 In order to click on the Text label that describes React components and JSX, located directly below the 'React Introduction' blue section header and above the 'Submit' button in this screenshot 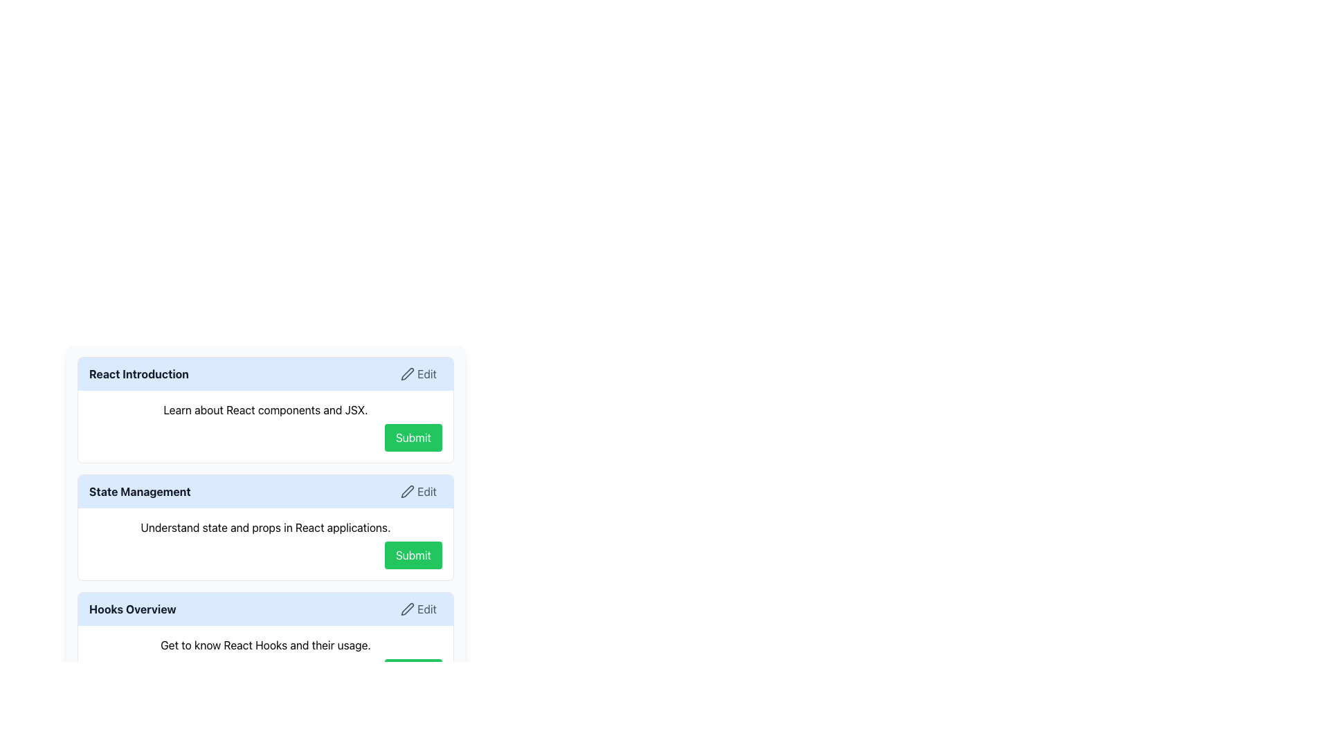, I will do `click(266, 409)`.